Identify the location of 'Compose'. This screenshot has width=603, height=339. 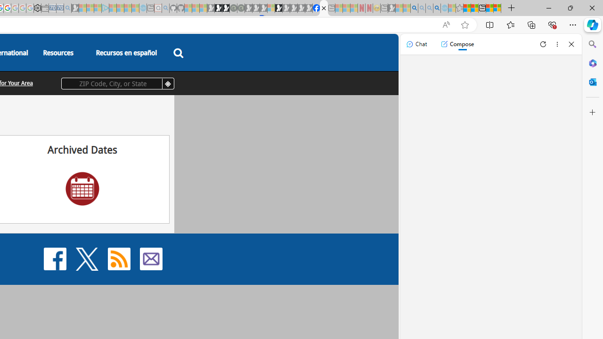
(457, 44).